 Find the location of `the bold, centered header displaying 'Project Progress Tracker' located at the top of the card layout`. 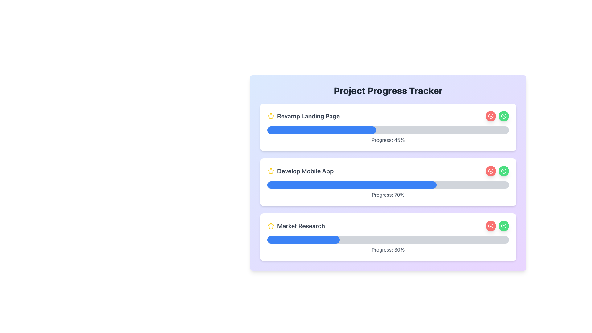

the bold, centered header displaying 'Project Progress Tracker' located at the top of the card layout is located at coordinates (388, 90).